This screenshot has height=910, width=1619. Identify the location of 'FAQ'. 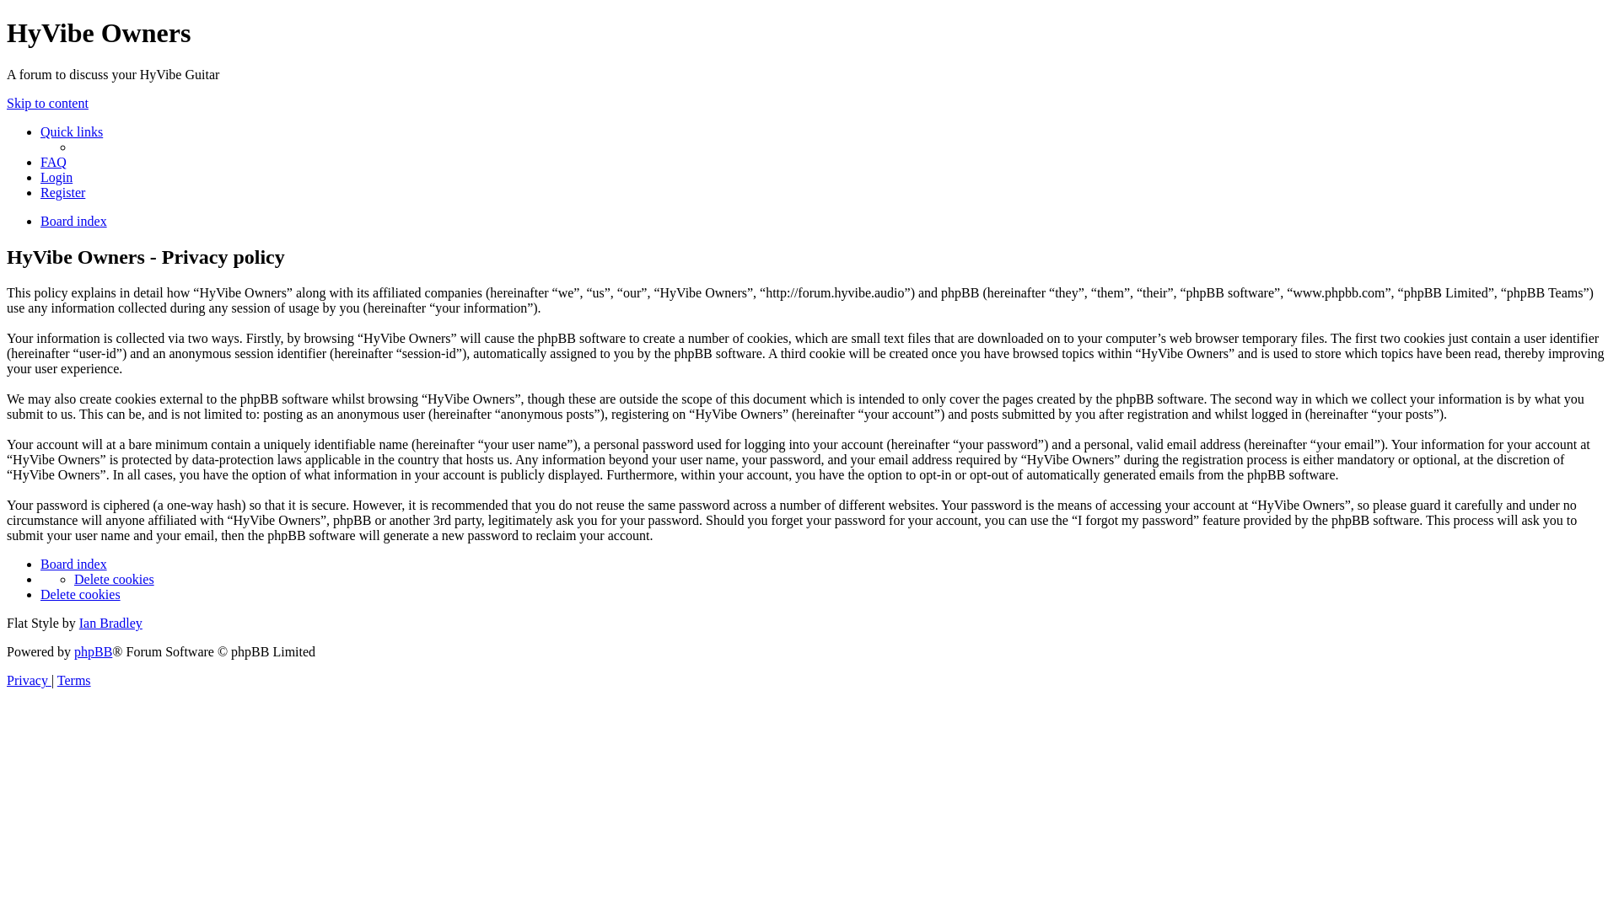
(53, 162).